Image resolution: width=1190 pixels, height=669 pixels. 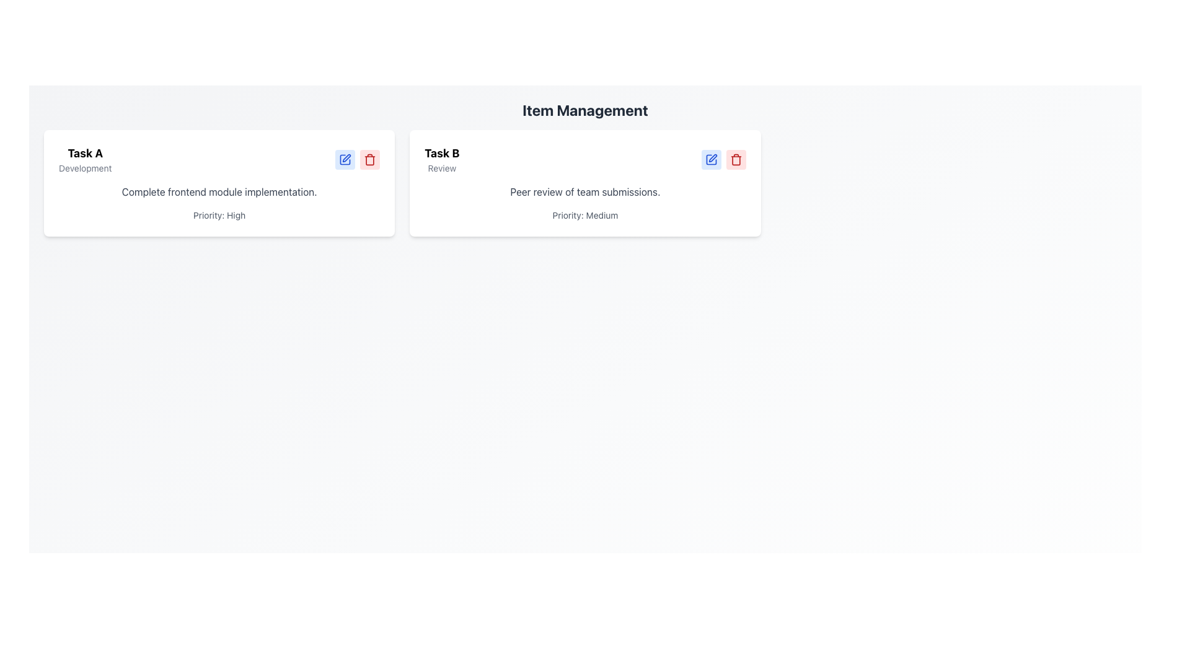 What do you see at coordinates (346, 157) in the screenshot?
I see `the stylized pen icon within the edit button on the right side of the card labeled 'Task B'` at bounding box center [346, 157].